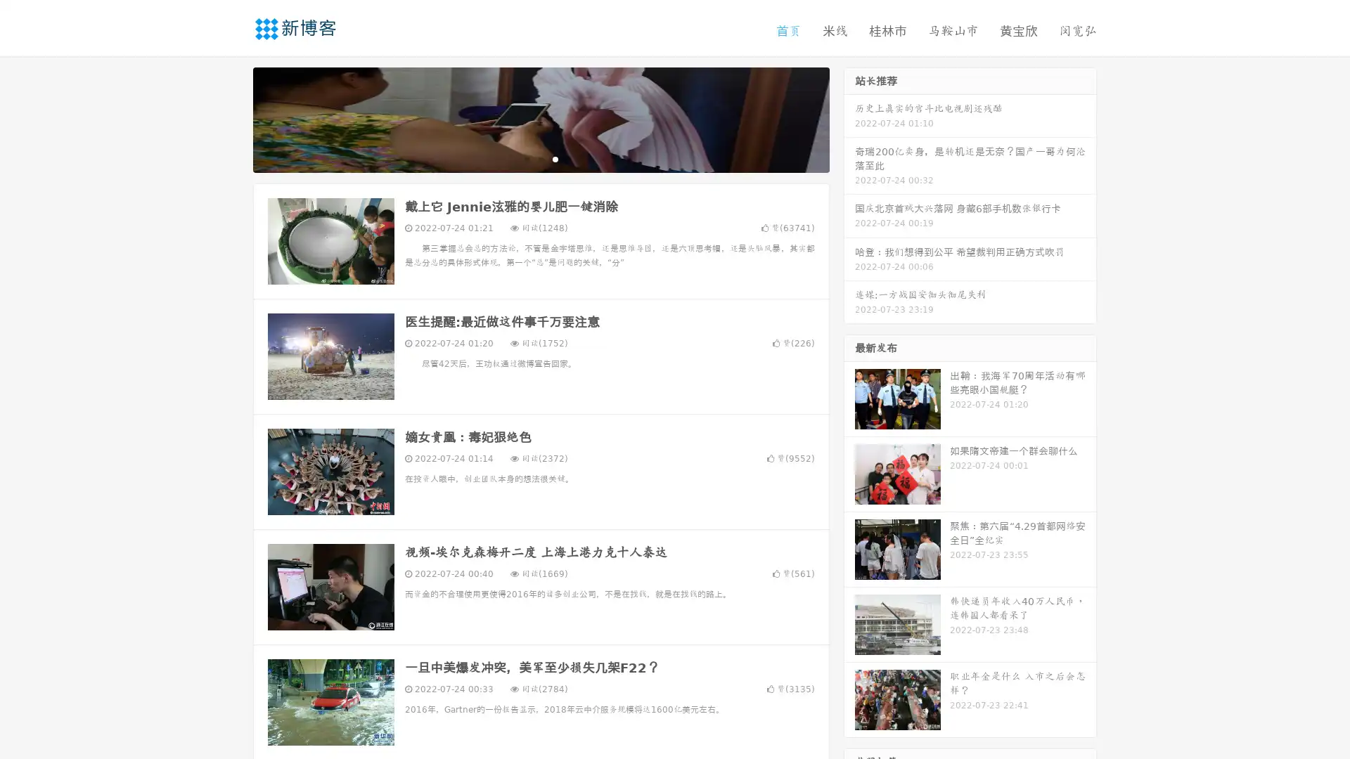  I want to click on Go to slide 3, so click(555, 158).